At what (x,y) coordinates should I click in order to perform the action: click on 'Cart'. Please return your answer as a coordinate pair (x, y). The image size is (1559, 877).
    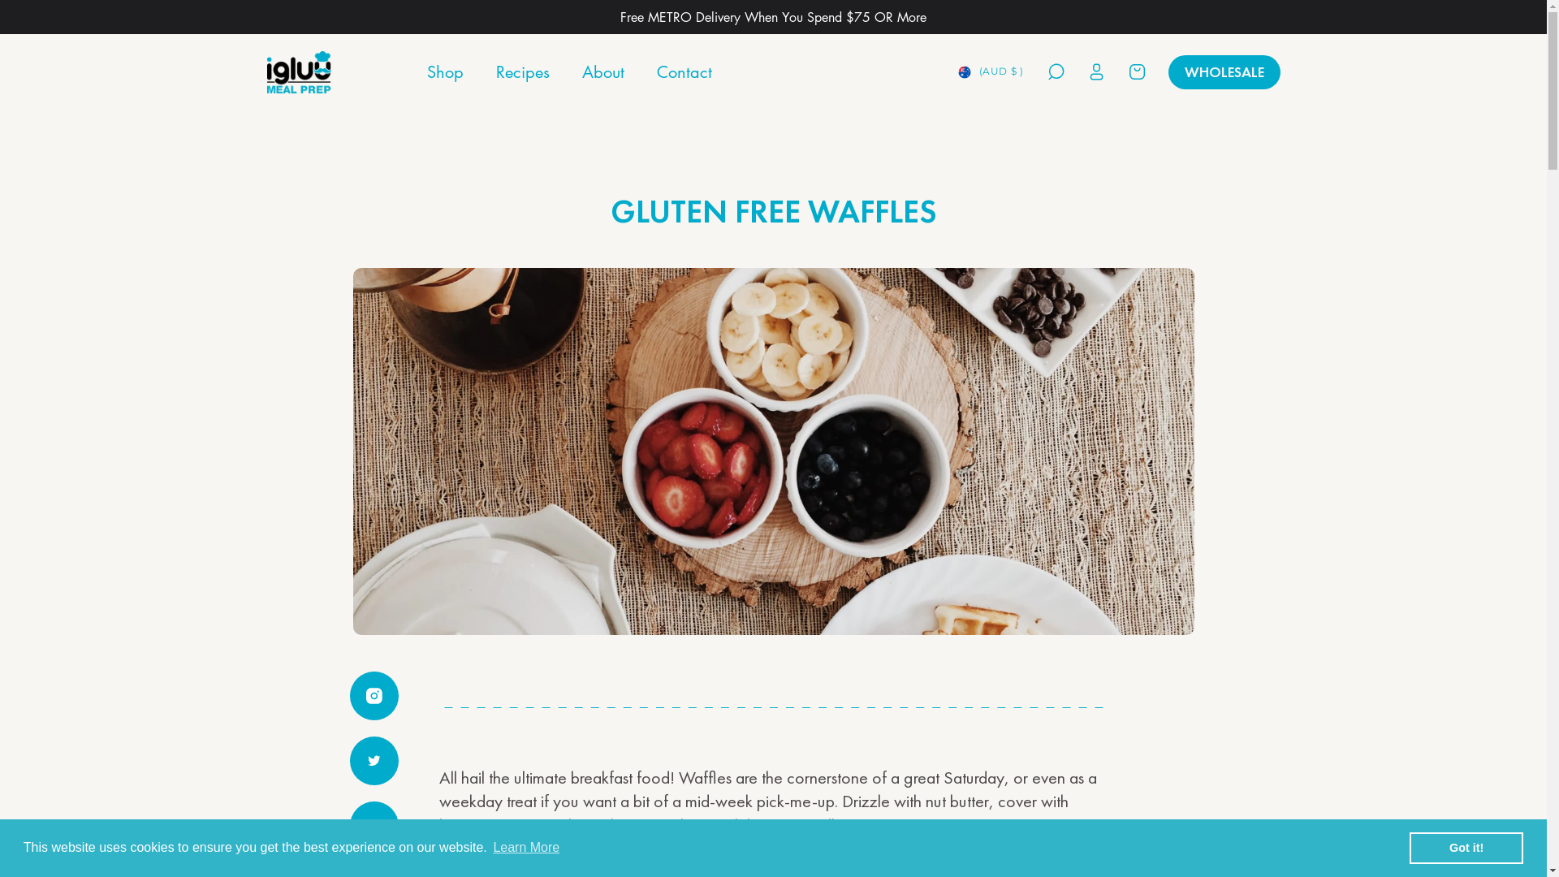
    Looking at the image, I should click on (1125, 71).